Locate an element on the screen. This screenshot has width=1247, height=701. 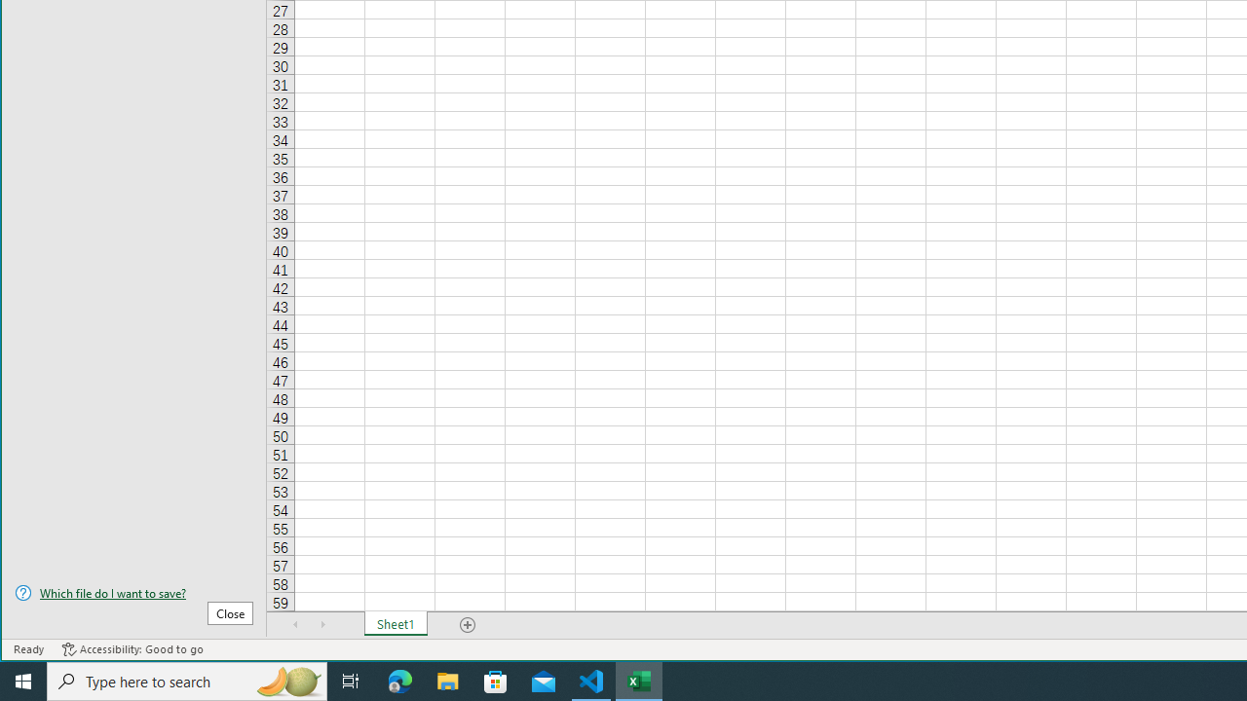
'Type here to search' is located at coordinates (187, 680).